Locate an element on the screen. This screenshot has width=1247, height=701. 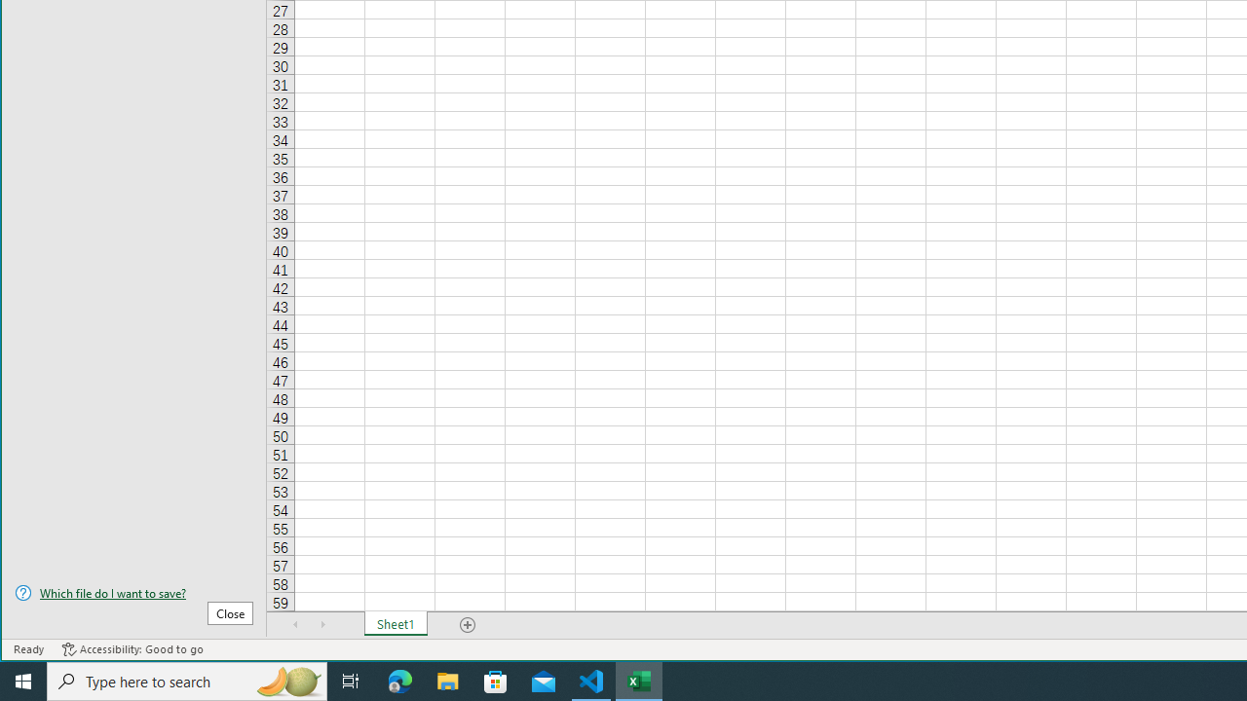
'Type here to search' is located at coordinates (187, 680).